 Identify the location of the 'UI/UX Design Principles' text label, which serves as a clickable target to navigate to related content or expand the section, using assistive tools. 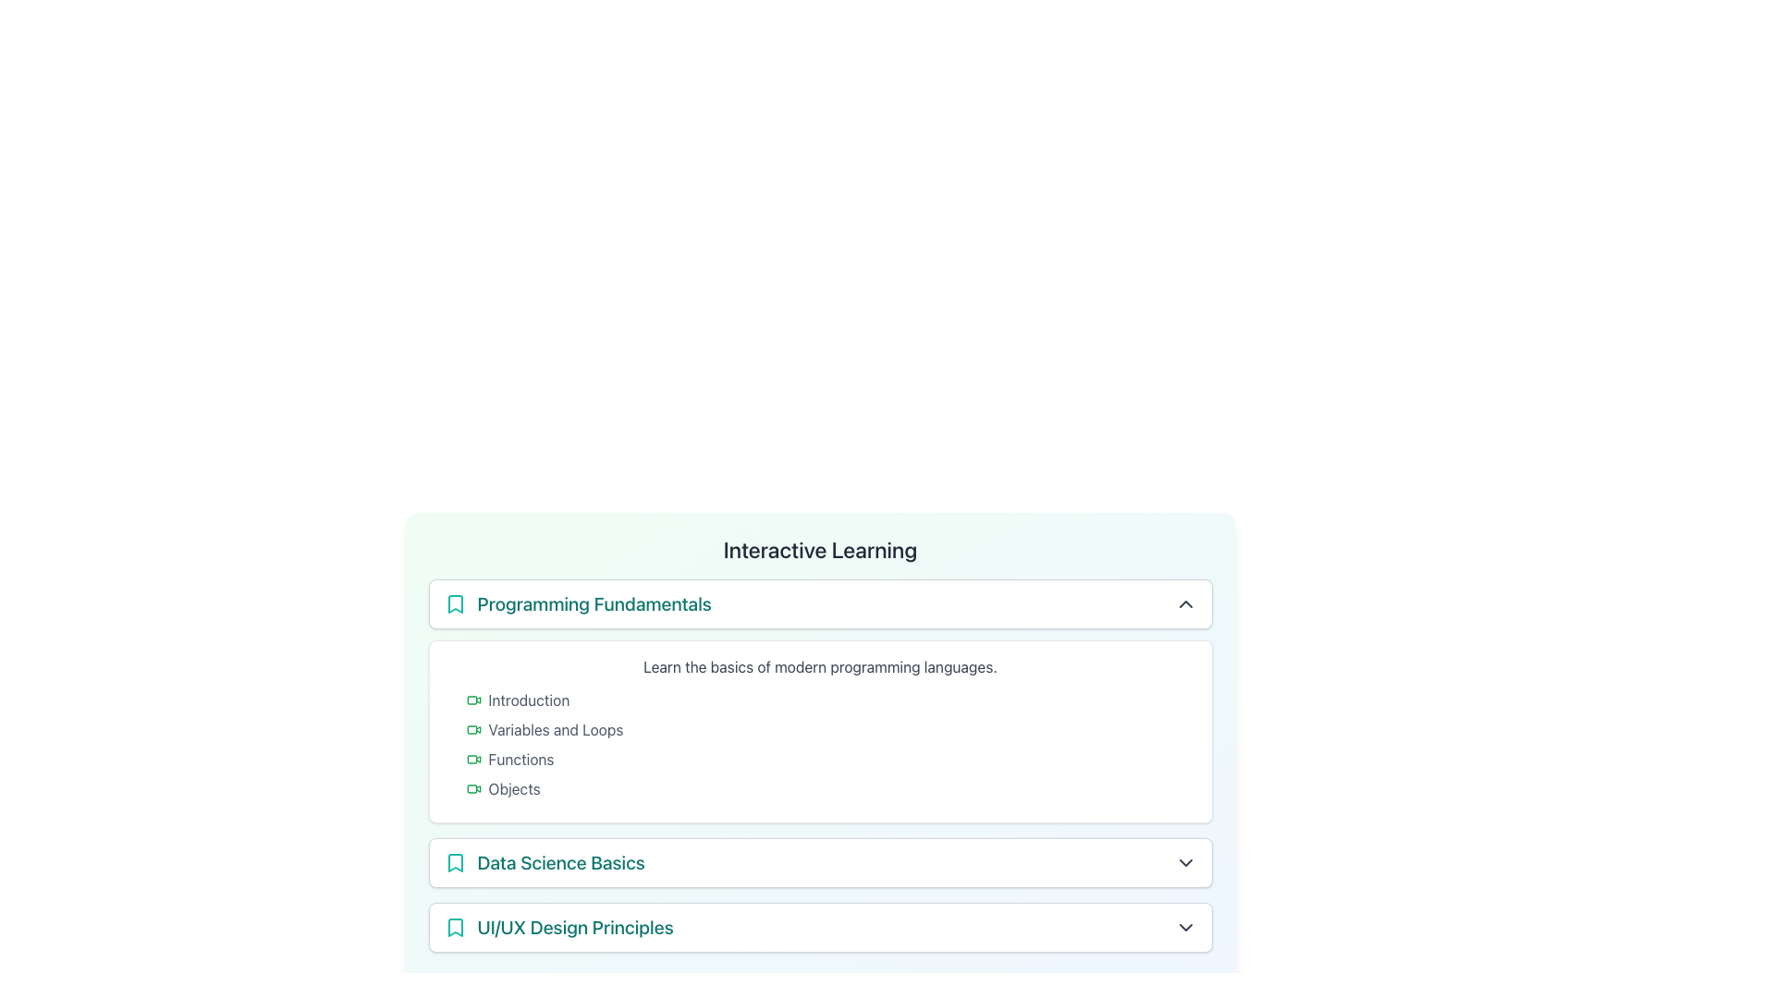
(557, 927).